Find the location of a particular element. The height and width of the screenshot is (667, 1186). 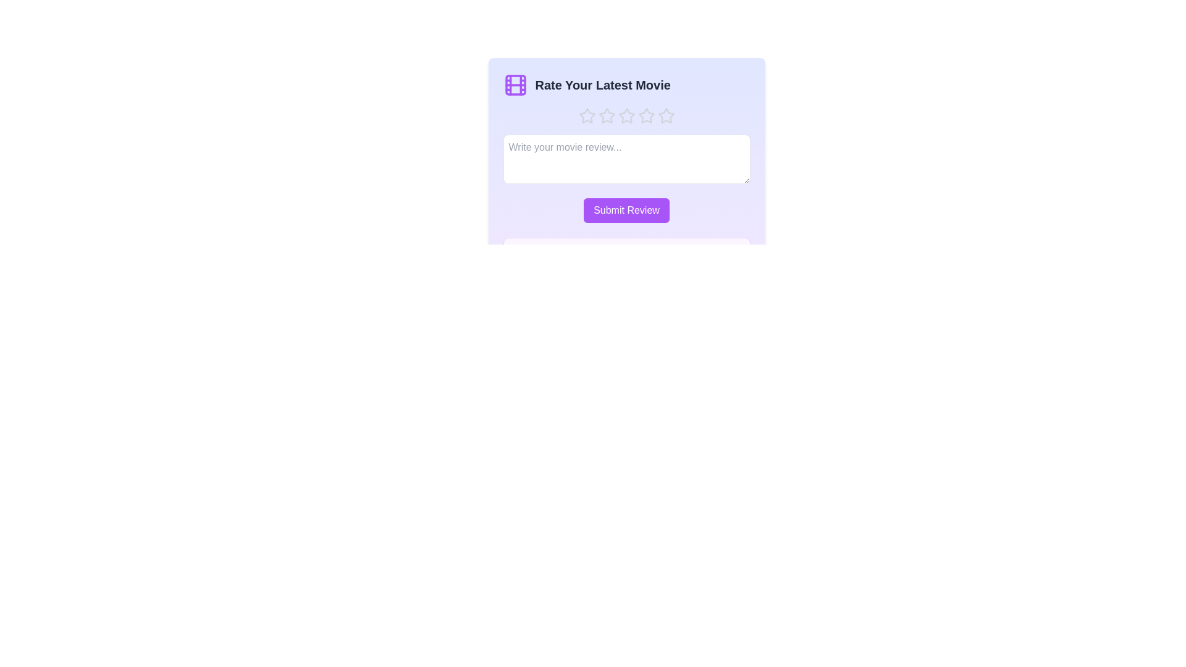

the text area and type the review text is located at coordinates (626, 159).